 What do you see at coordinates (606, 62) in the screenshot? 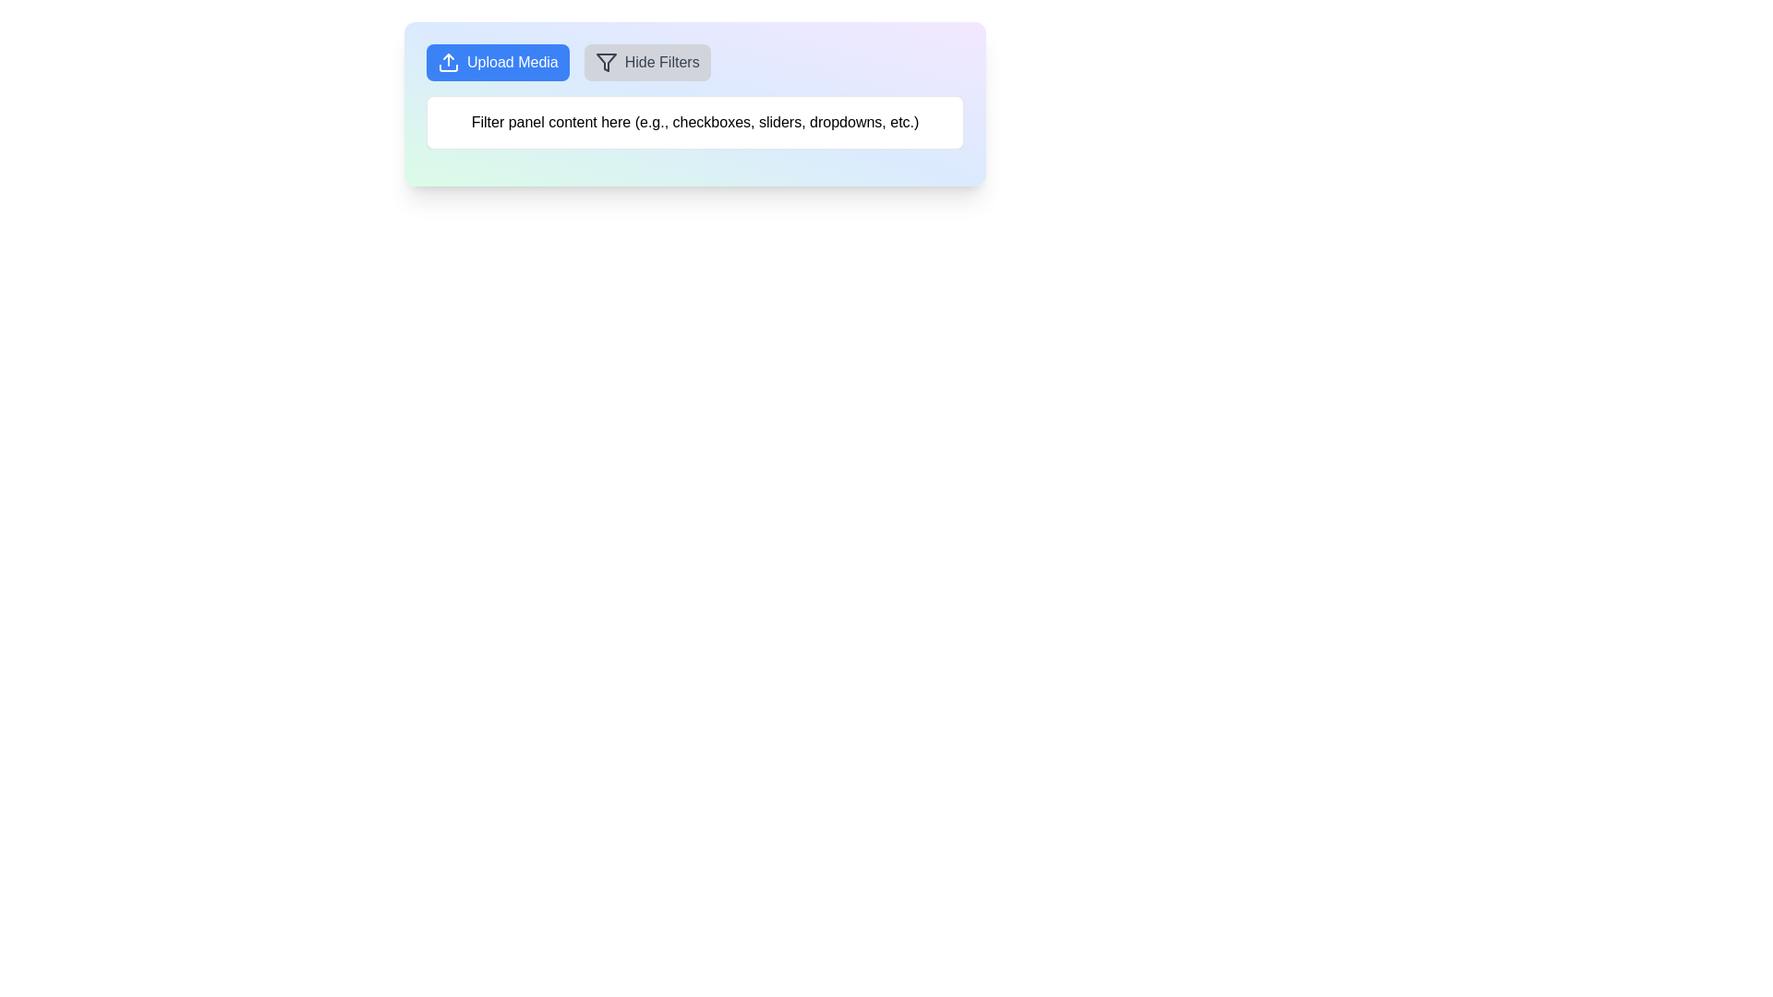
I see `the filter icon located within the 'Hide Filters' button` at bounding box center [606, 62].